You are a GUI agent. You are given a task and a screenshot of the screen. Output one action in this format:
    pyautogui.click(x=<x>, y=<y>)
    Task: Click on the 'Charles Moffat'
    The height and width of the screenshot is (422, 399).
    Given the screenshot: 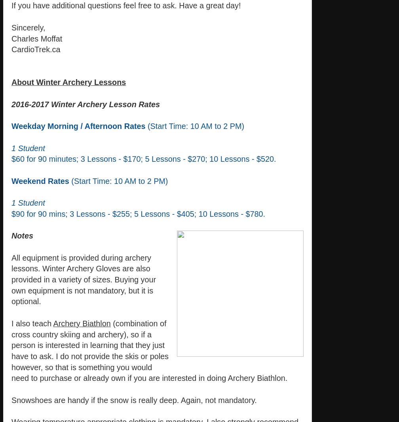 What is the action you would take?
    pyautogui.click(x=11, y=38)
    